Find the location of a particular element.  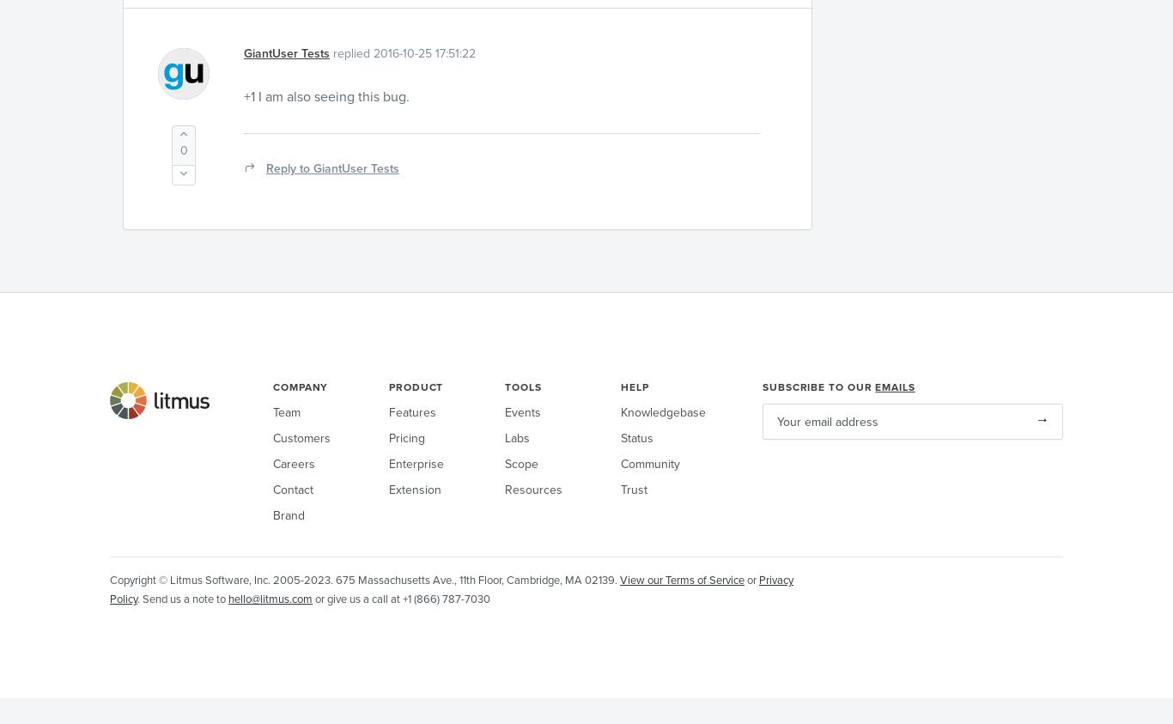

'Privacy Policy' is located at coordinates (452, 588).